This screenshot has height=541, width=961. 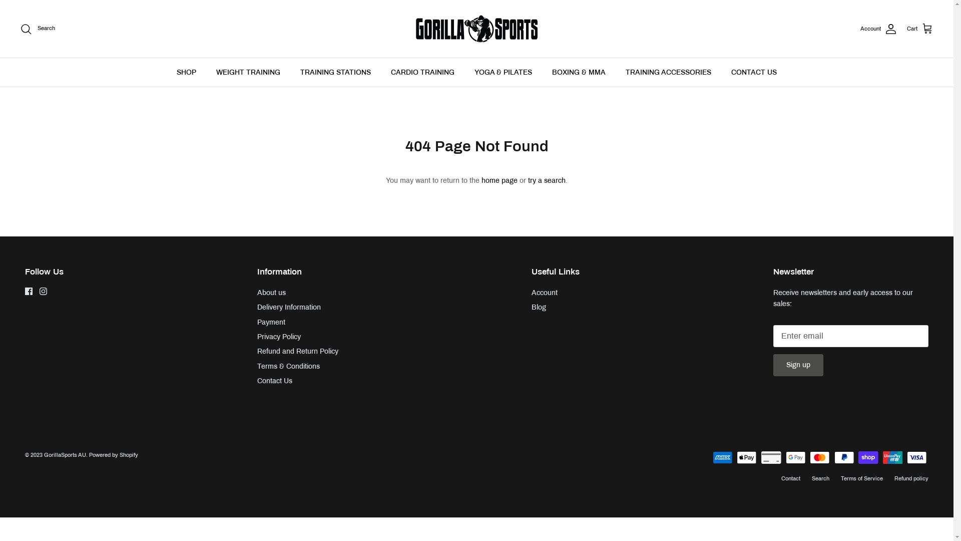 I want to click on 'Cart', so click(x=920, y=28).